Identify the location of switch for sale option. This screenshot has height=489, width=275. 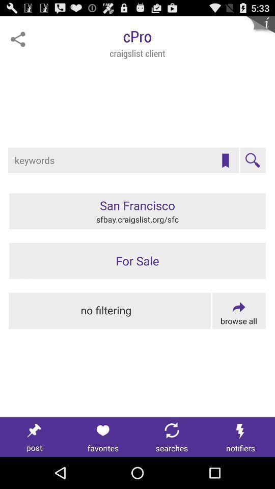
(137, 260).